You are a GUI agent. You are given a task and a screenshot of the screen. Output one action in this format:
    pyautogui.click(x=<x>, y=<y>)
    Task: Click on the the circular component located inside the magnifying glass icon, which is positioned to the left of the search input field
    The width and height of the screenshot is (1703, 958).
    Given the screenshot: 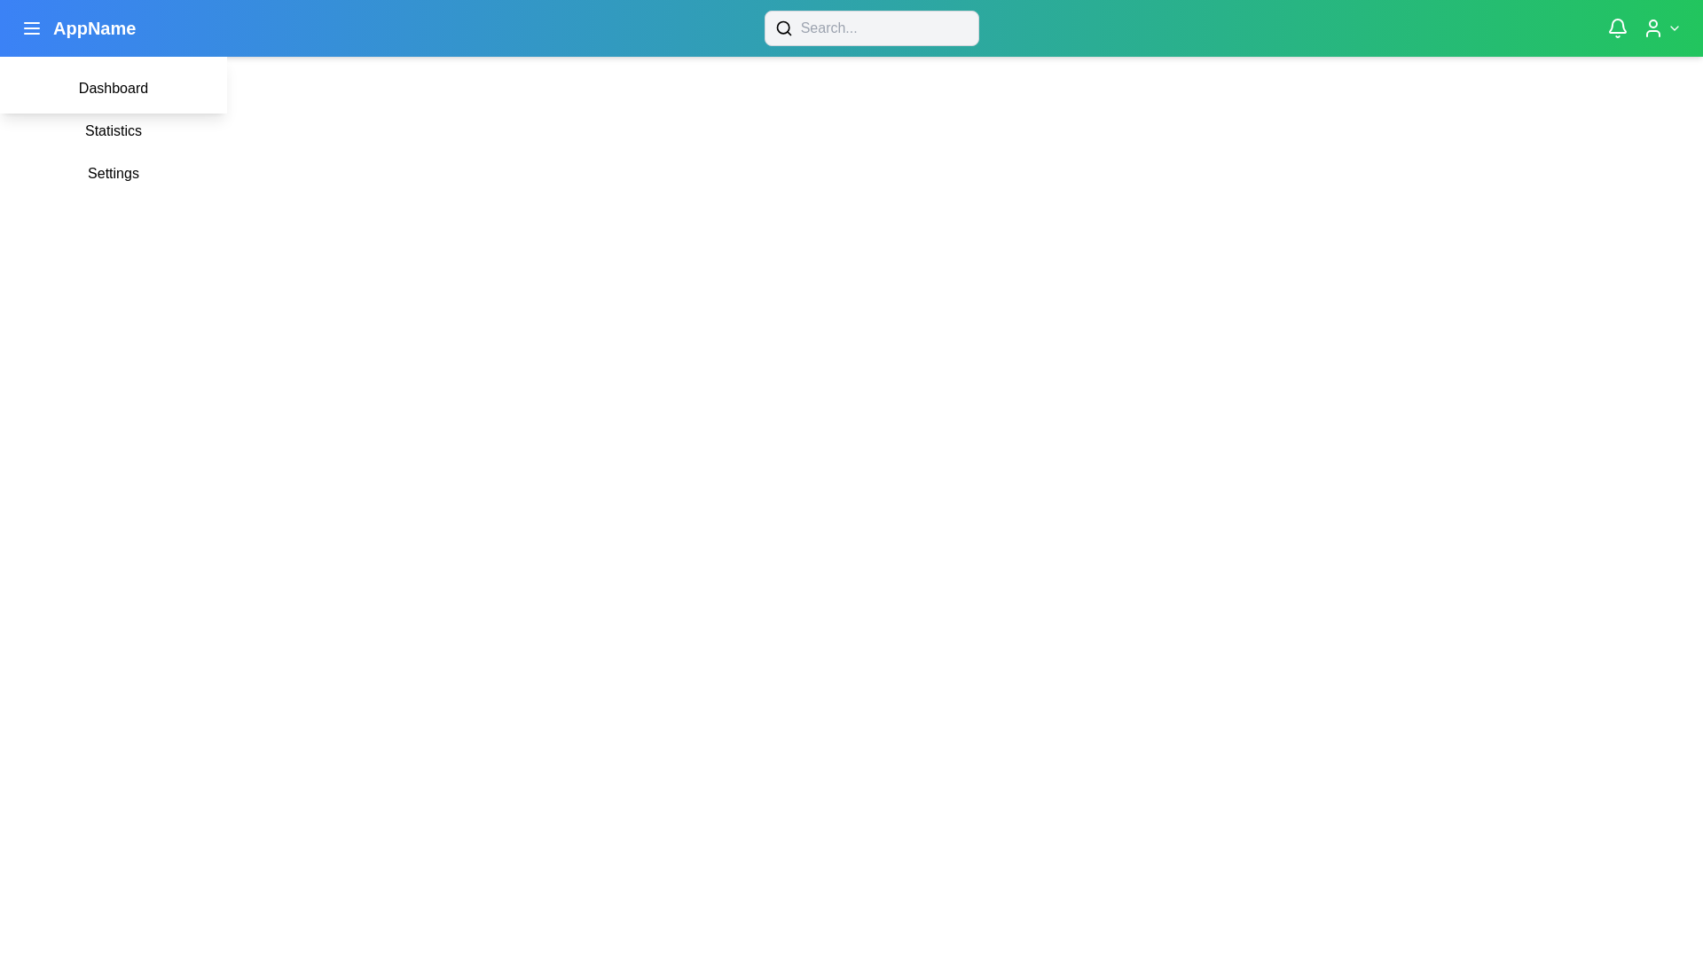 What is the action you would take?
    pyautogui.click(x=781, y=27)
    